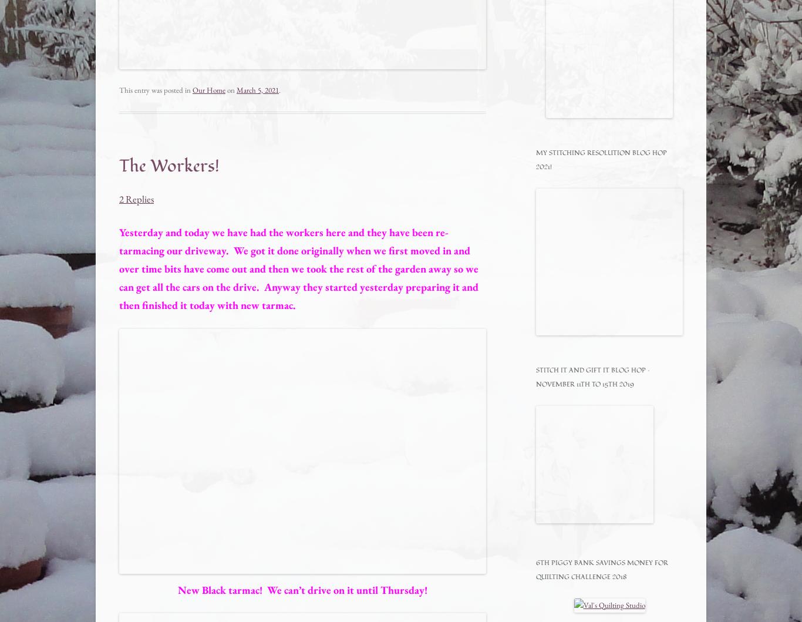 Image resolution: width=802 pixels, height=622 pixels. Describe the element at coordinates (302, 589) in the screenshot. I see `'New Black tarmac!  We can’t drive on it until Thursday!'` at that location.